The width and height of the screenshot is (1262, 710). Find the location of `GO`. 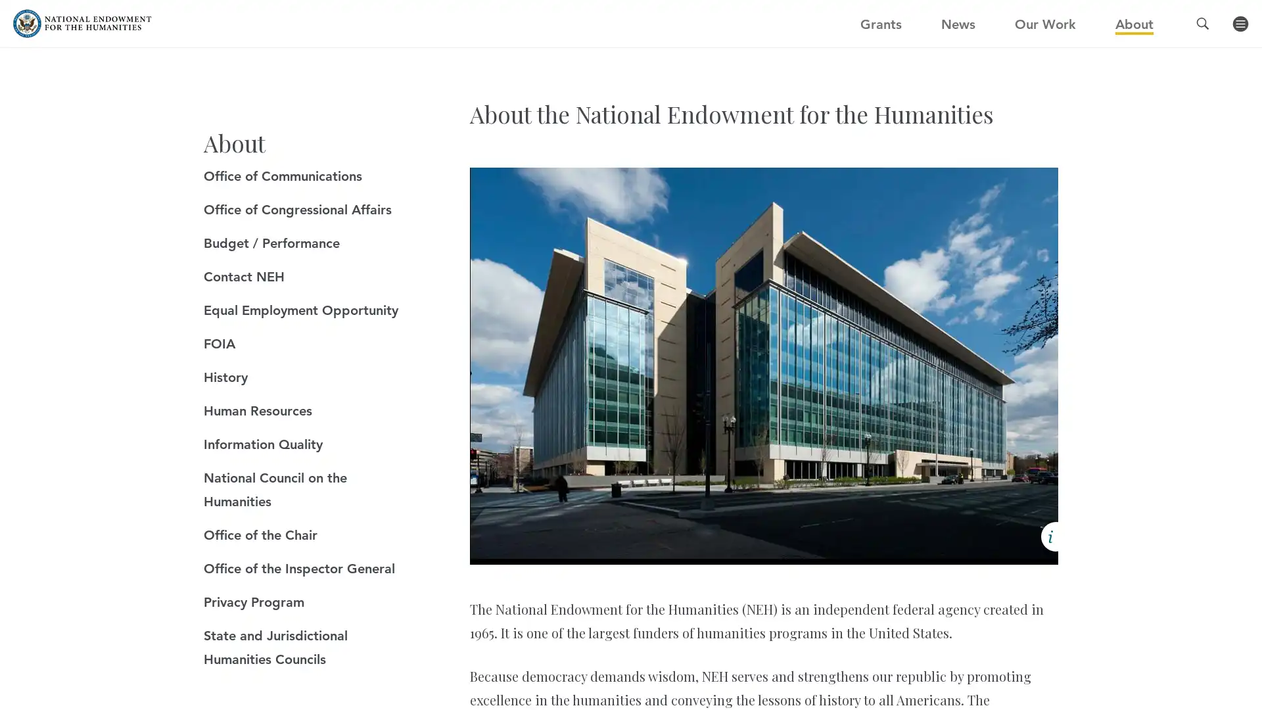

GO is located at coordinates (865, 30).